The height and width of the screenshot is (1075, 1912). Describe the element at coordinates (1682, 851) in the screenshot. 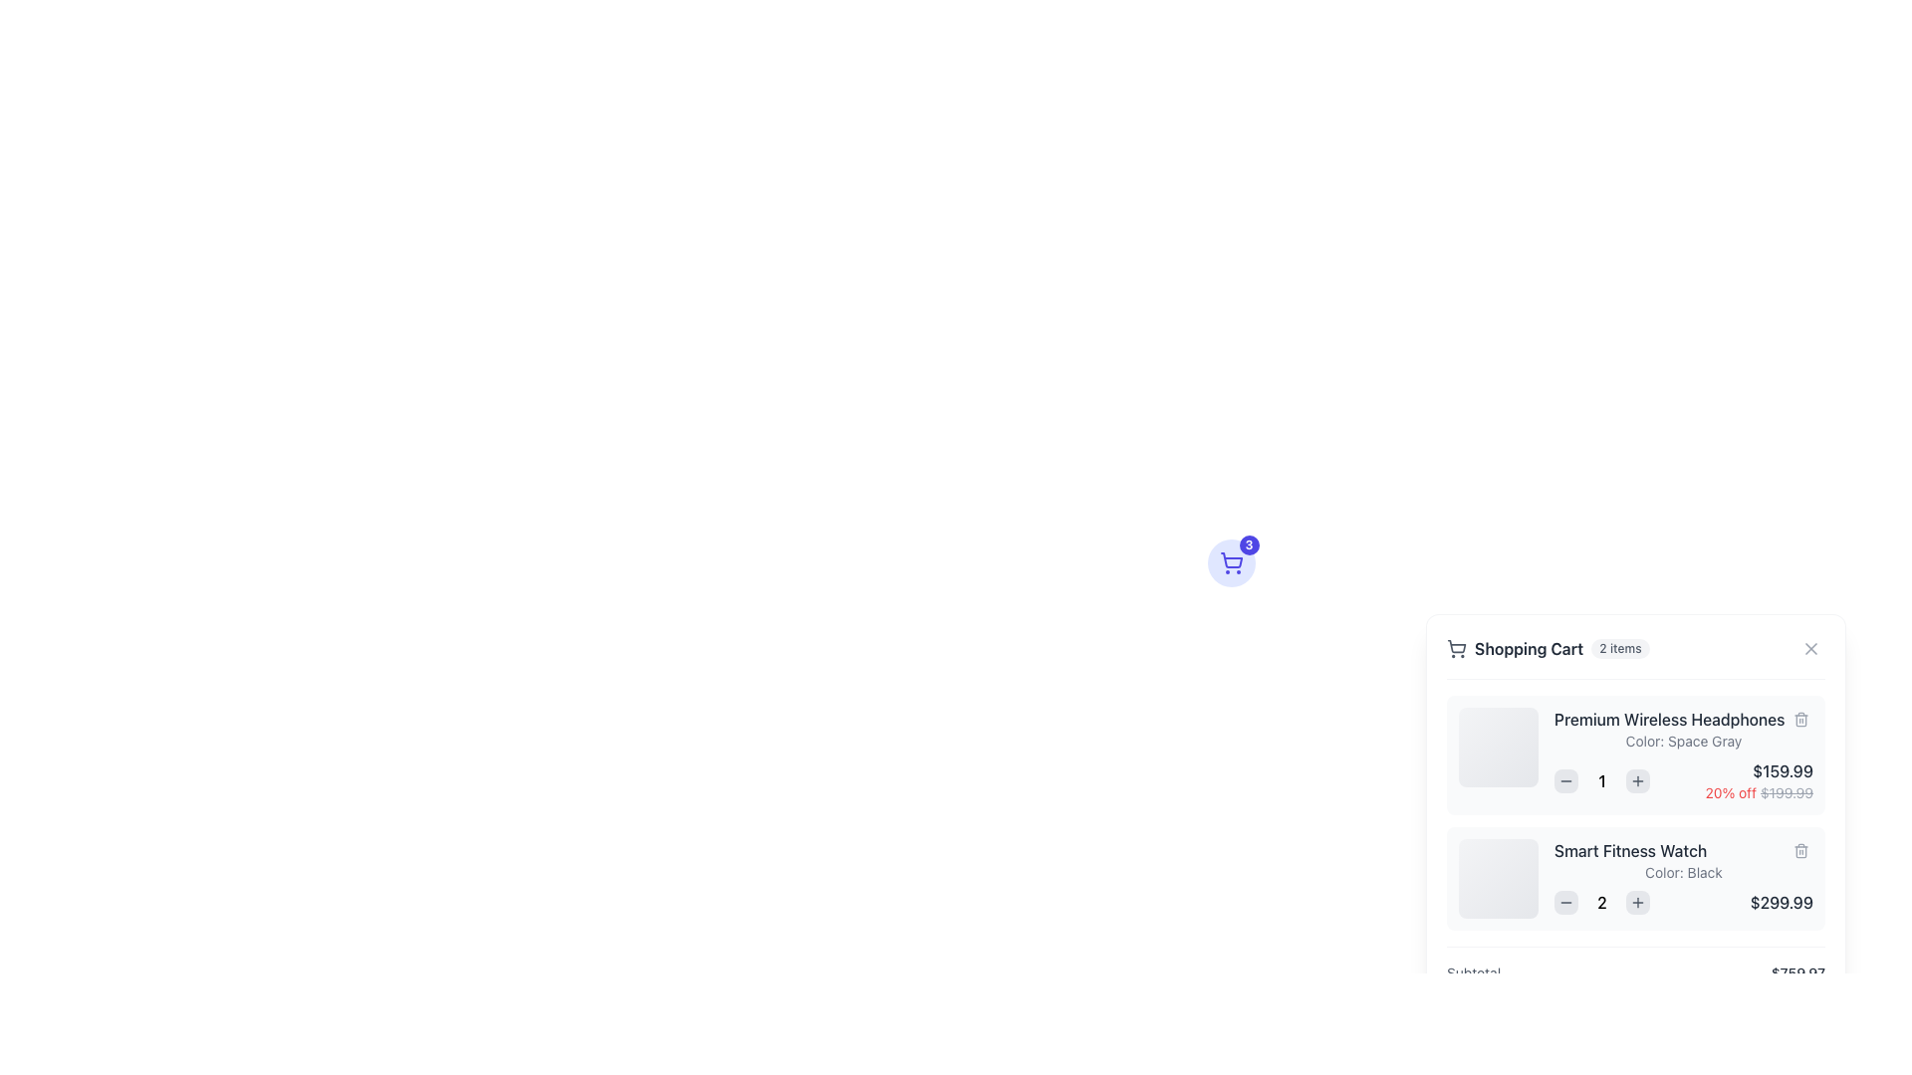

I see `the text label displaying 'Smart Fitness Watch' in the shopping cart interface, which is the primary label for the second item listed` at that location.